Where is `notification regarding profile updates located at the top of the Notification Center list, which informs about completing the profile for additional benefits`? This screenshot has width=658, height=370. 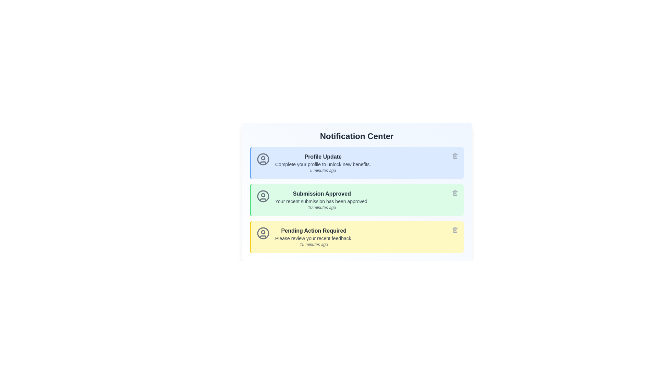
notification regarding profile updates located at the top of the Notification Center list, which informs about completing the profile for additional benefits is located at coordinates (322, 163).